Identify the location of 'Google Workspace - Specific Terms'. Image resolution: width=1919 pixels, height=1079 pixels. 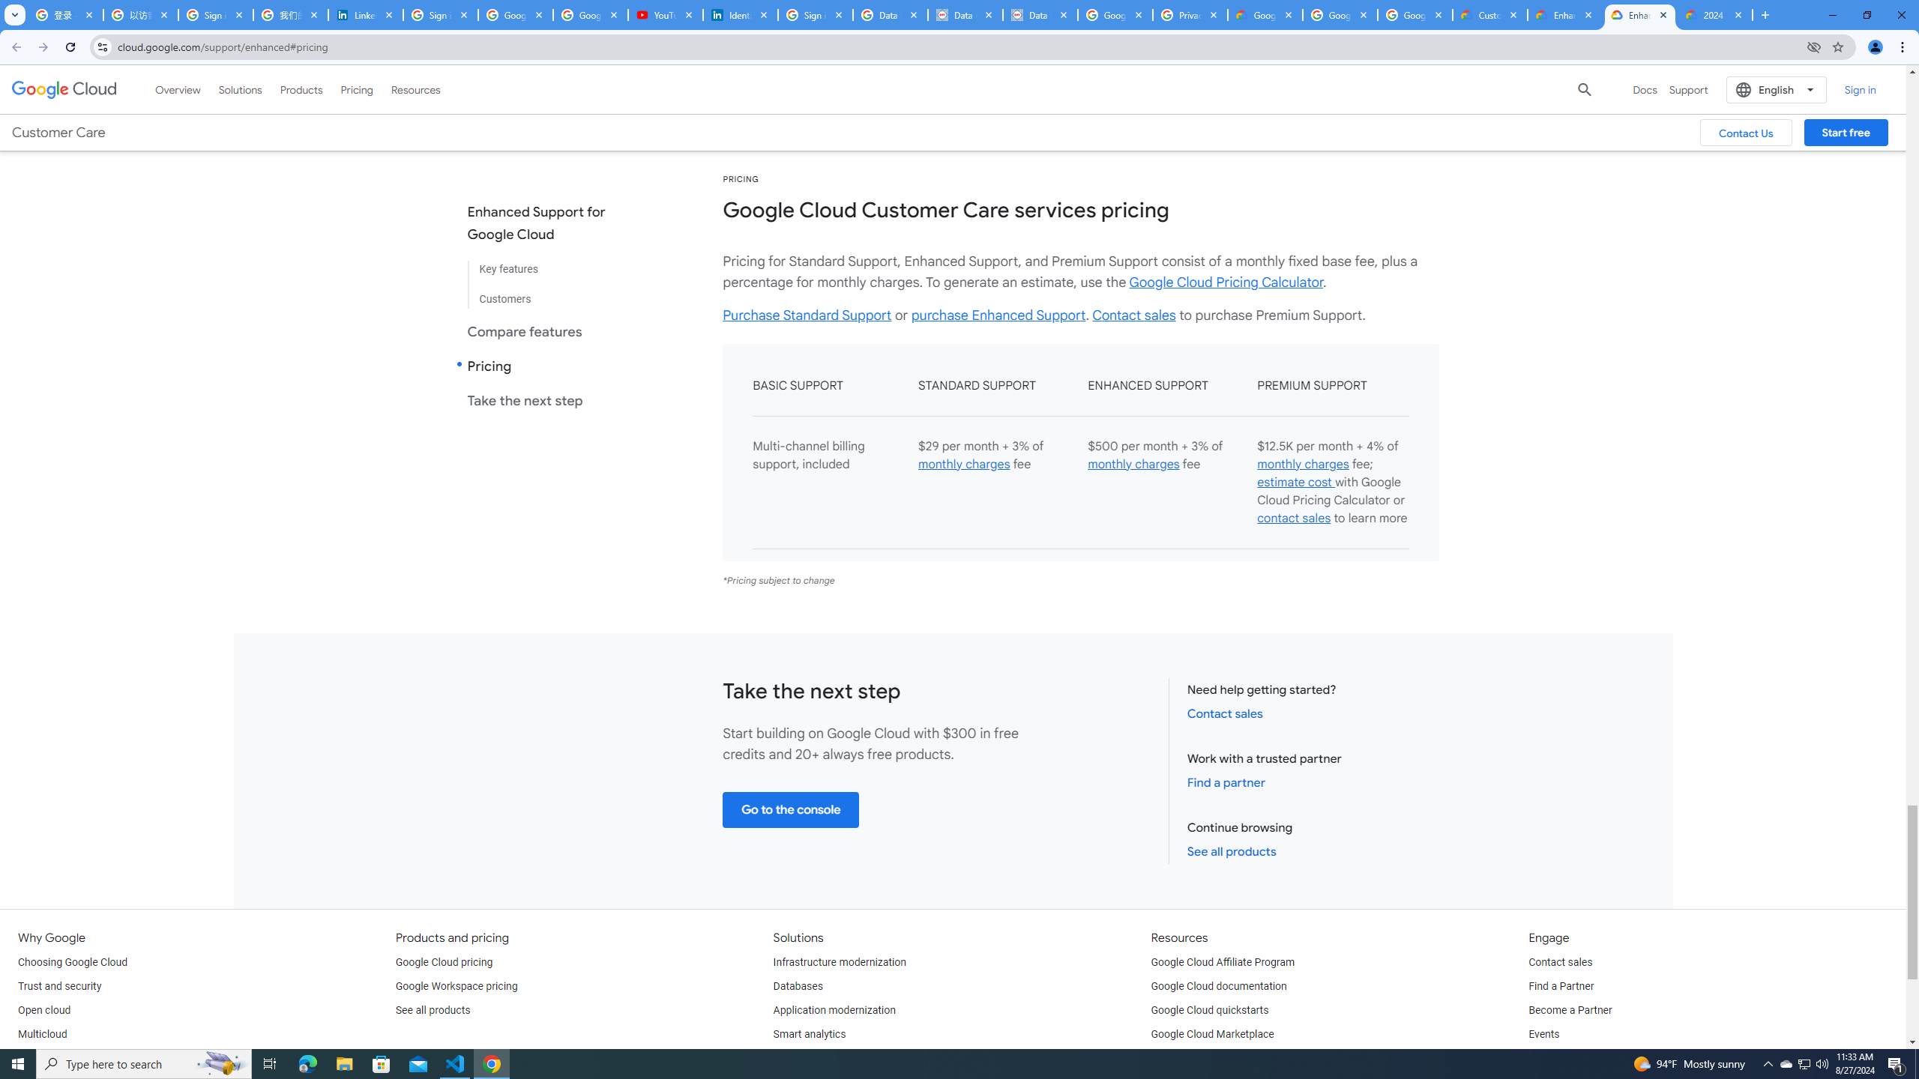
(1338, 14).